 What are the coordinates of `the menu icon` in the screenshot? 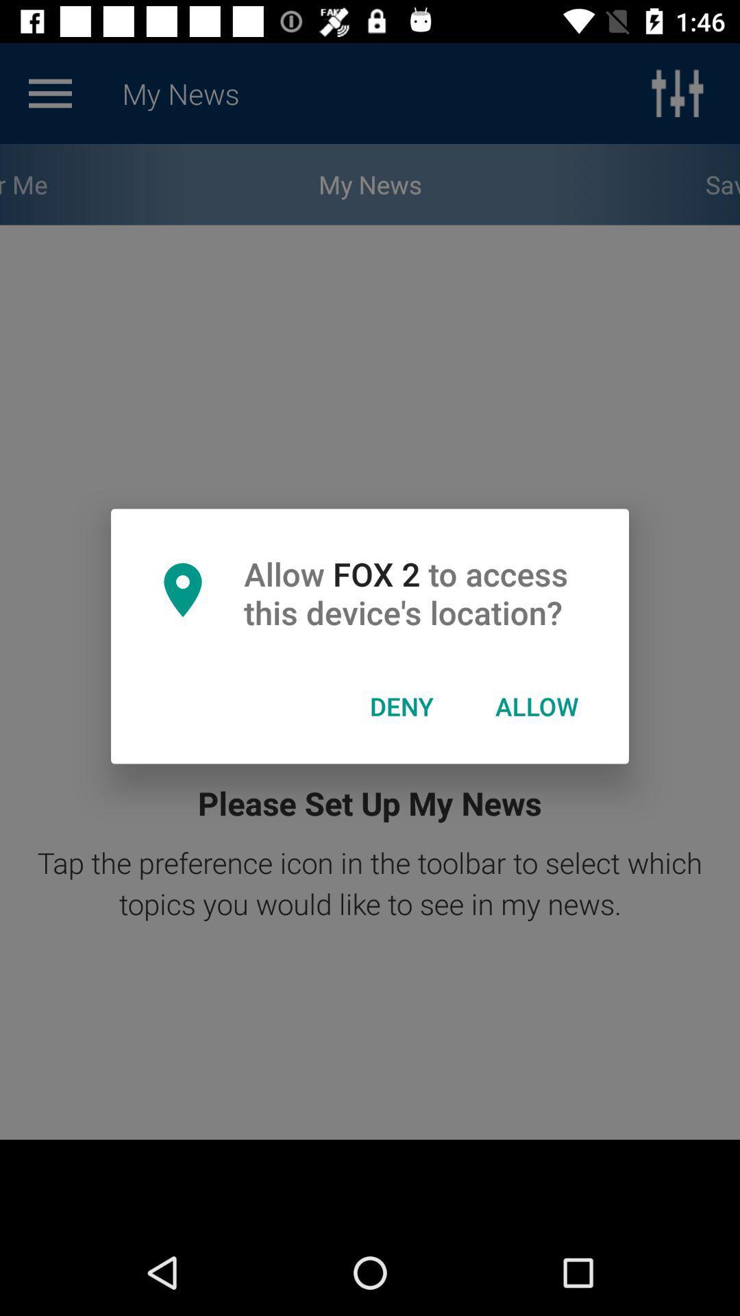 It's located at (49, 93).